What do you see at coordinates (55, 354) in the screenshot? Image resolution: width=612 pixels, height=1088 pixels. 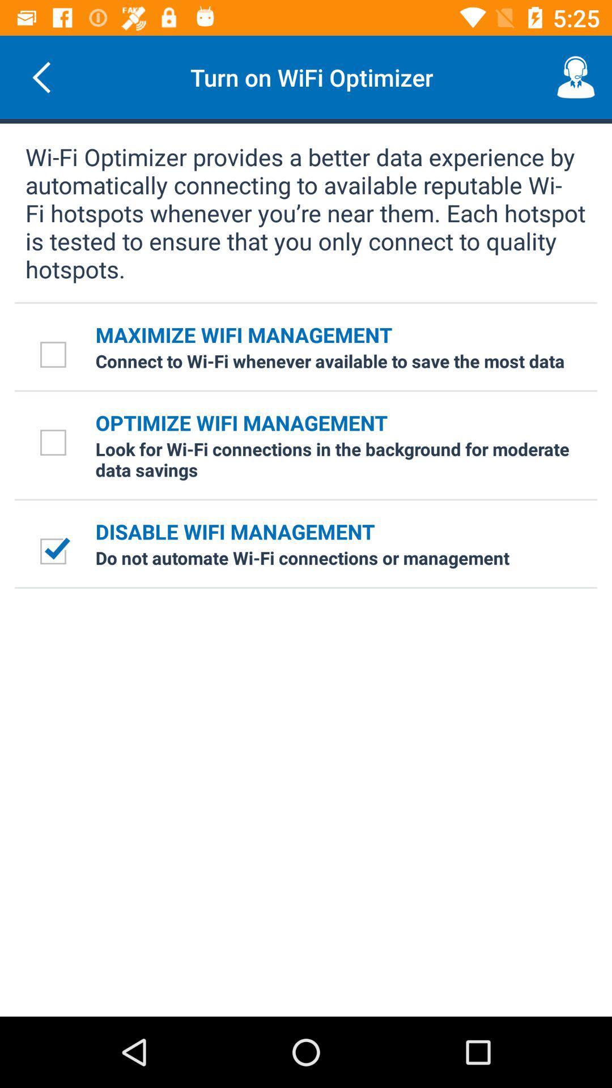 I see `icon next to the maximize wifi management icon` at bounding box center [55, 354].